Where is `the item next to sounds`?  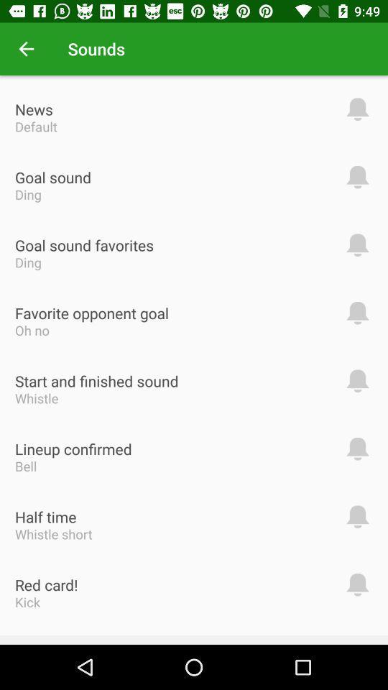 the item next to sounds is located at coordinates (26, 49).